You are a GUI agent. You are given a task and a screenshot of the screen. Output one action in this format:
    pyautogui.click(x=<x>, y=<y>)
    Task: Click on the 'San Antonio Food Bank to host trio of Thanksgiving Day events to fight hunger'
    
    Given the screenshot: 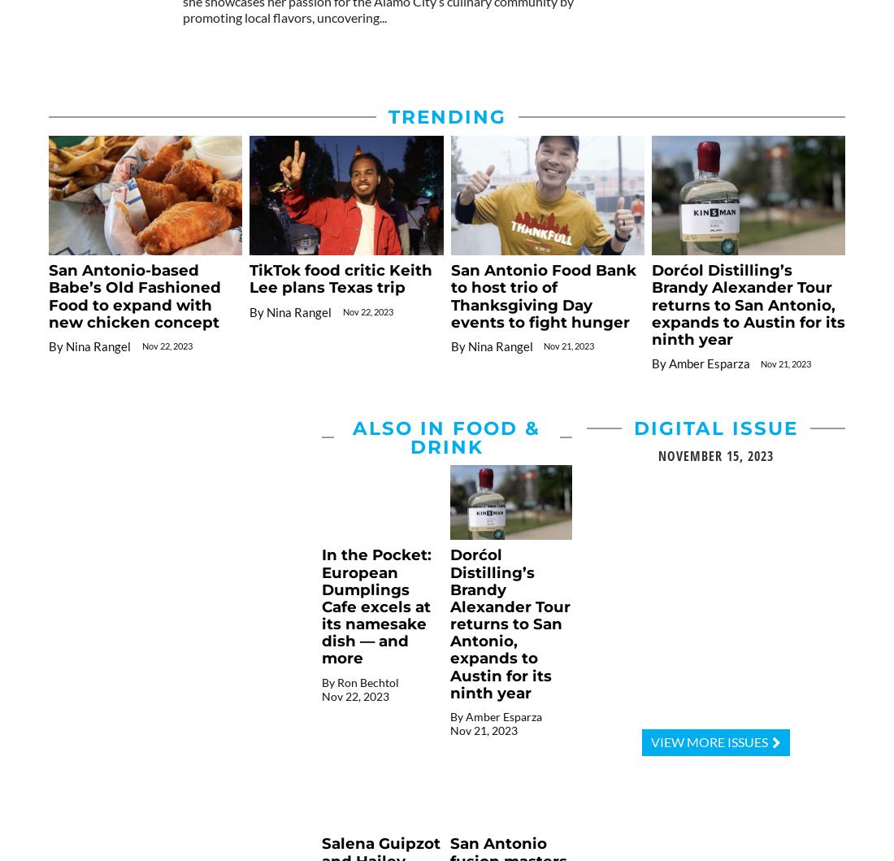 What is the action you would take?
    pyautogui.click(x=543, y=294)
    